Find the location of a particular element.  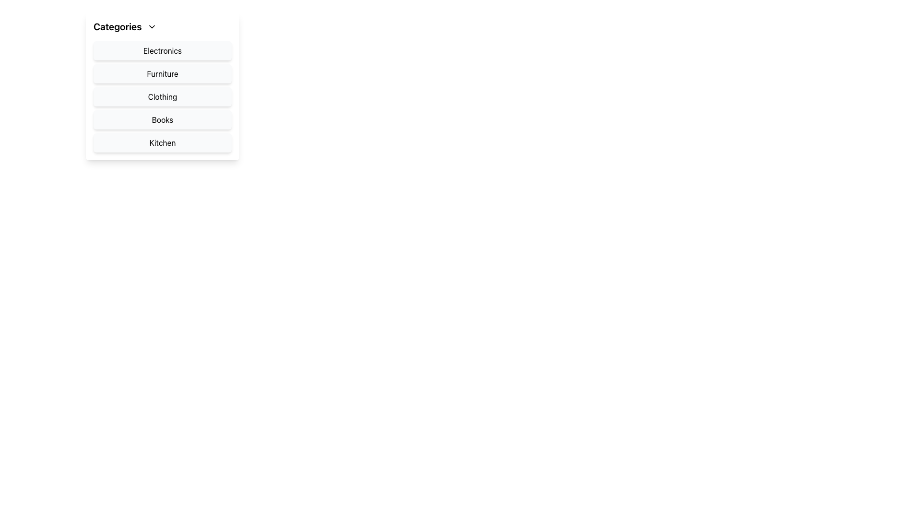

the downward-pointing chevron icon located to the right of the 'Categories' text is located at coordinates (152, 26).